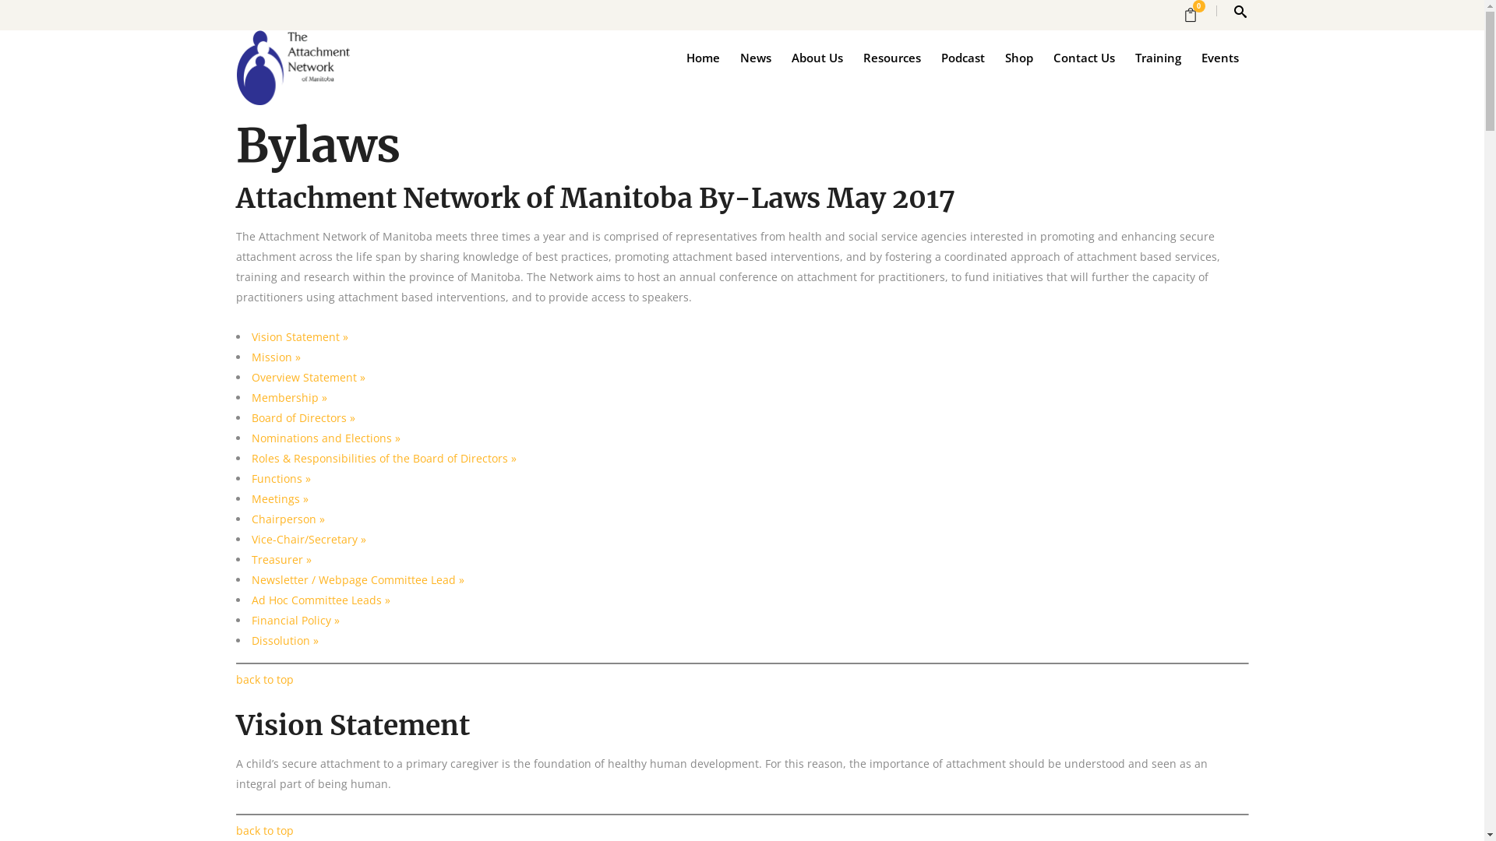  What do you see at coordinates (1158, 56) in the screenshot?
I see `'Training'` at bounding box center [1158, 56].